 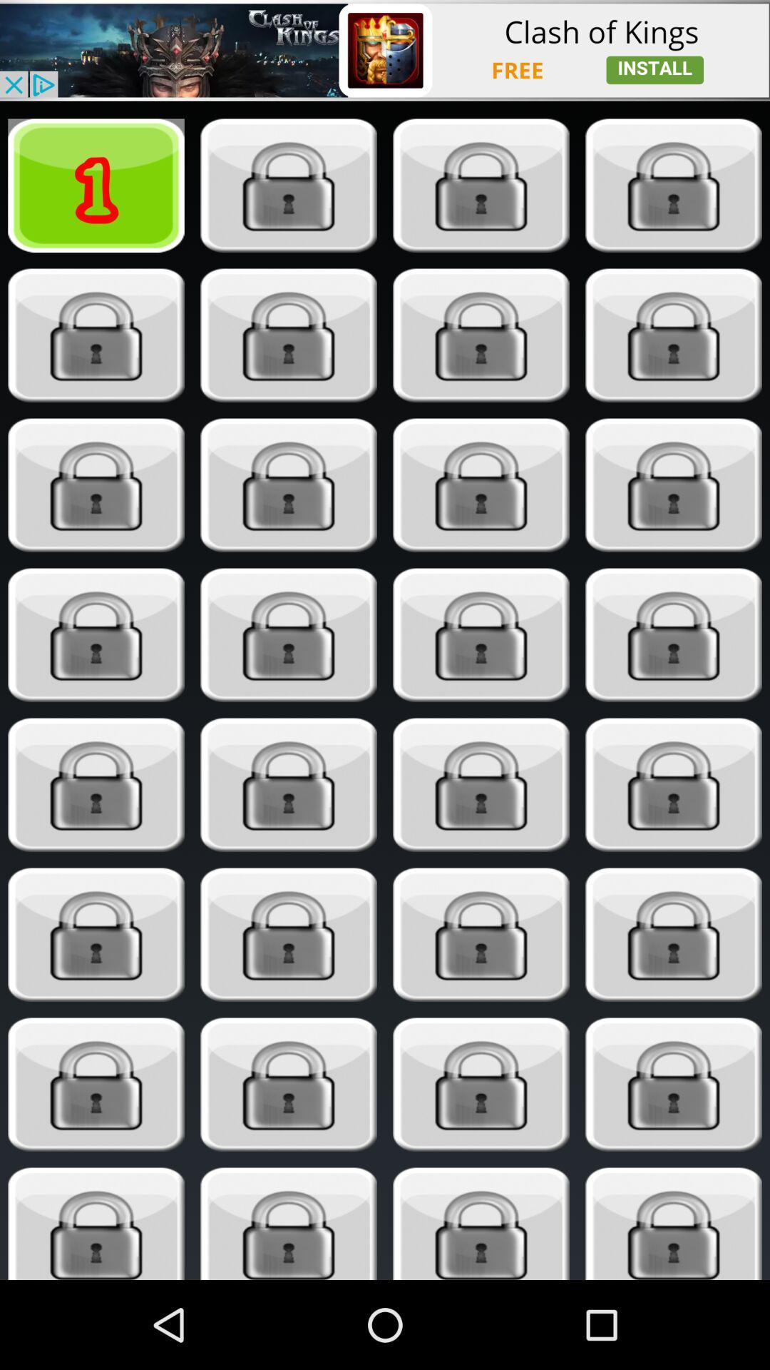 I want to click on the widget, so click(x=289, y=1223).